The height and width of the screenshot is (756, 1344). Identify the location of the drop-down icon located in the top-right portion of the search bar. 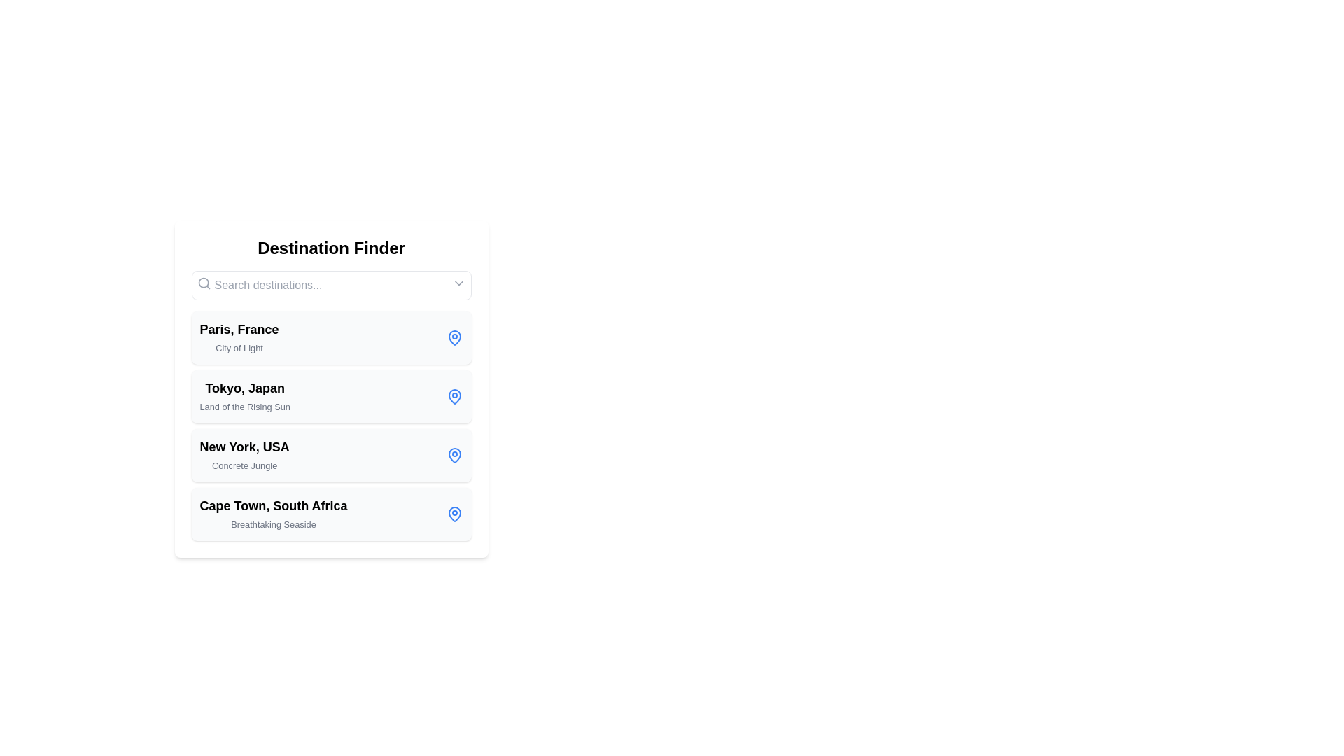
(458, 283).